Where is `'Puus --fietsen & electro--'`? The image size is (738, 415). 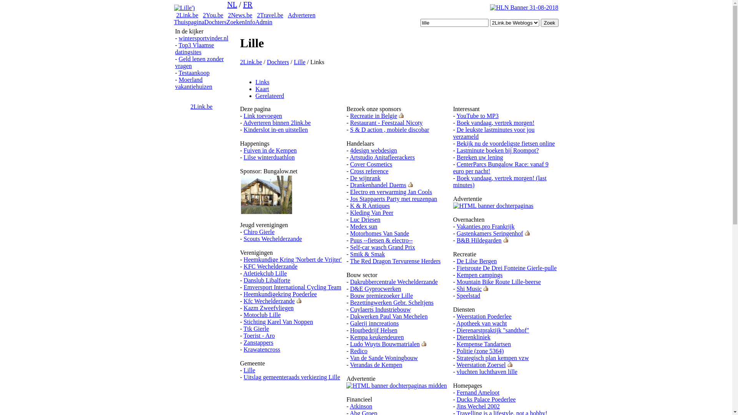 'Puus --fietsen & electro--' is located at coordinates (350, 240).